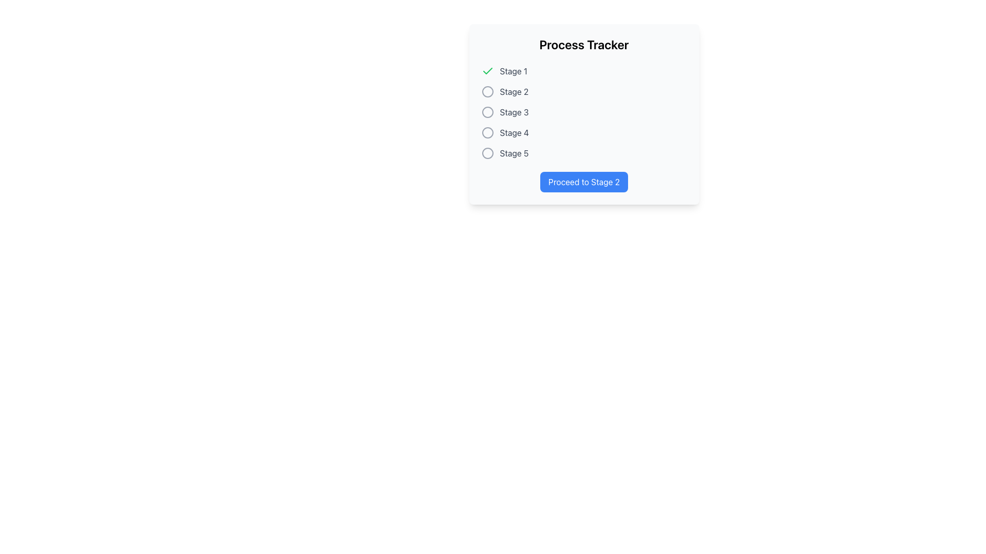 The width and height of the screenshot is (986, 554). What do you see at coordinates (505, 132) in the screenshot?
I see `the 'Stage 4' text label, which is styled in gray and indicates a specific stage in the Process Tracker dialog, located in the fourth row of the list` at bounding box center [505, 132].